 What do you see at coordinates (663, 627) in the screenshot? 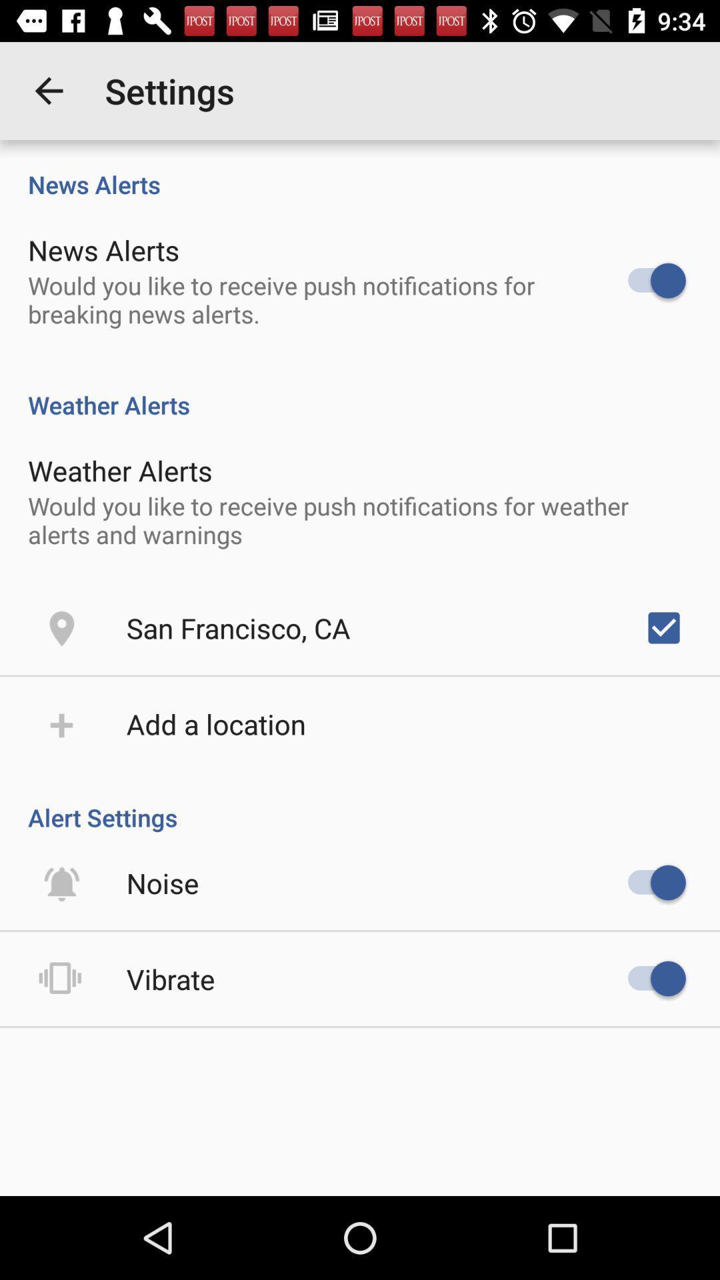
I see `the icon above alert settings item` at bounding box center [663, 627].